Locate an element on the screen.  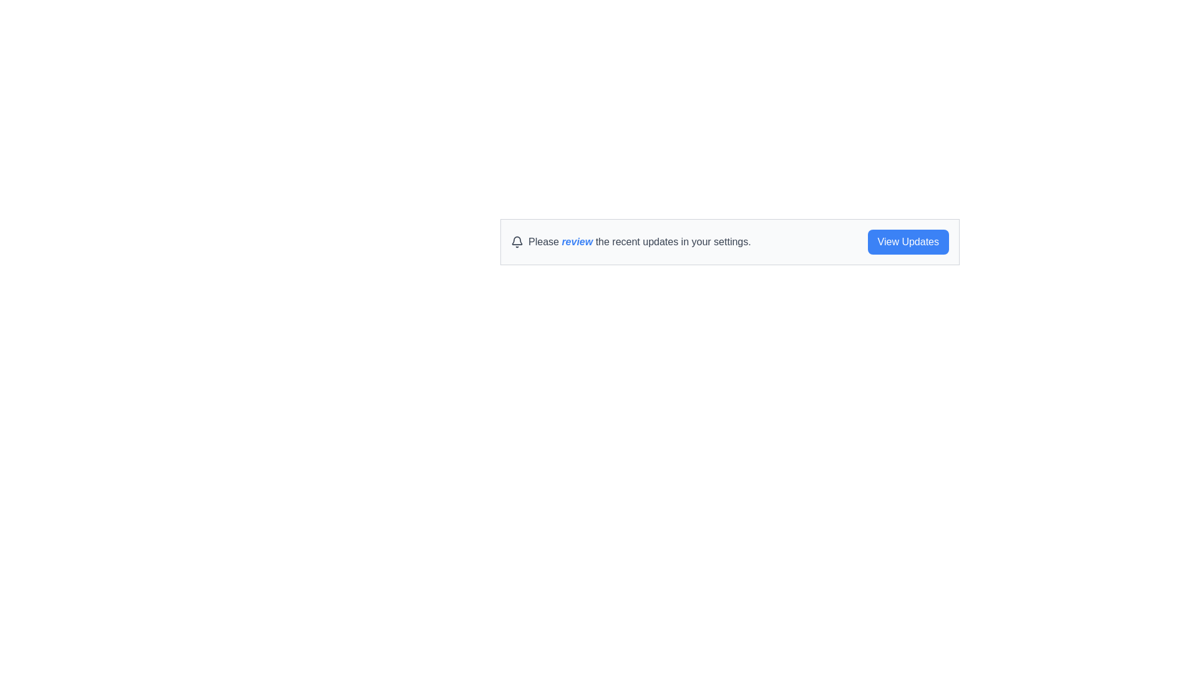
the button on the rightmost side of the bordered box is located at coordinates (908, 242).